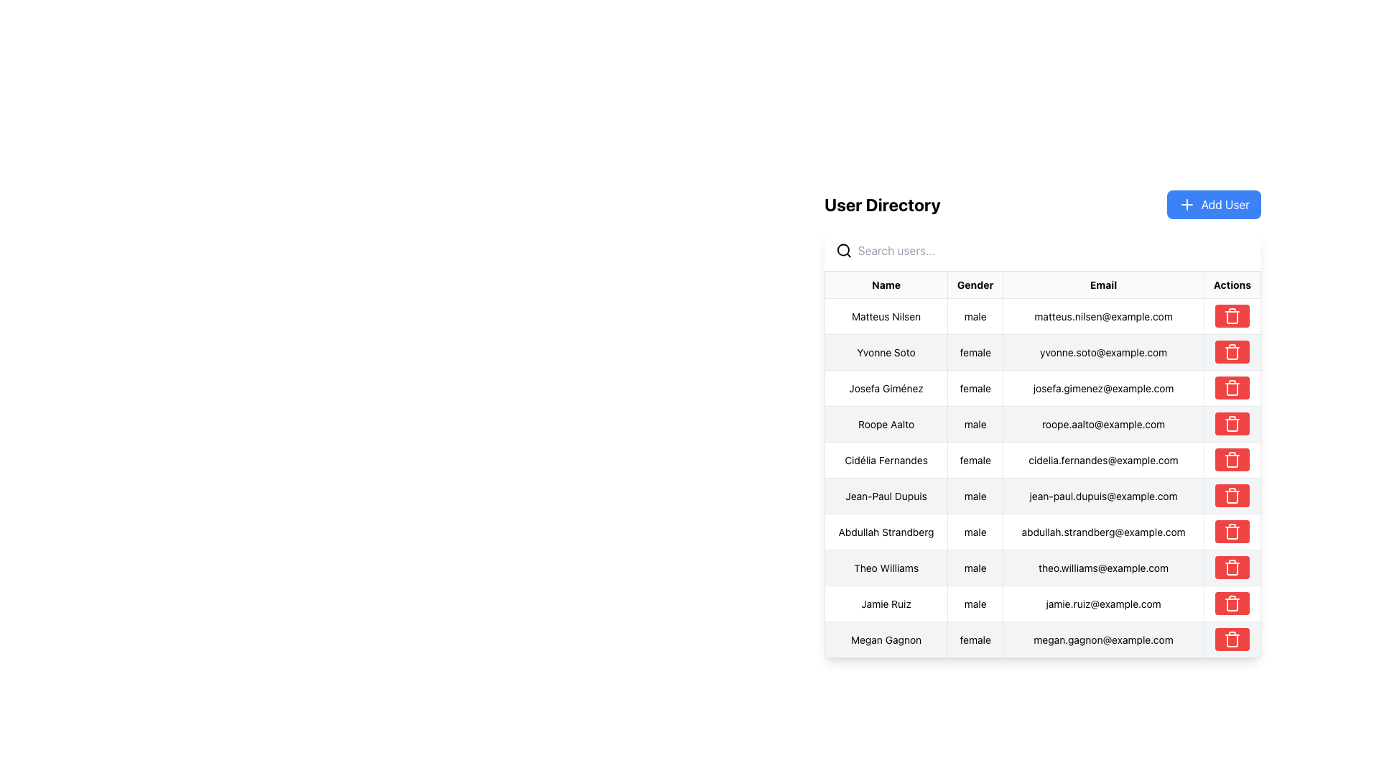  What do you see at coordinates (1231, 639) in the screenshot?
I see `the trash bin icon, which is styled with a red fill and white stroke, located in the last row of the 'Actions' column` at bounding box center [1231, 639].